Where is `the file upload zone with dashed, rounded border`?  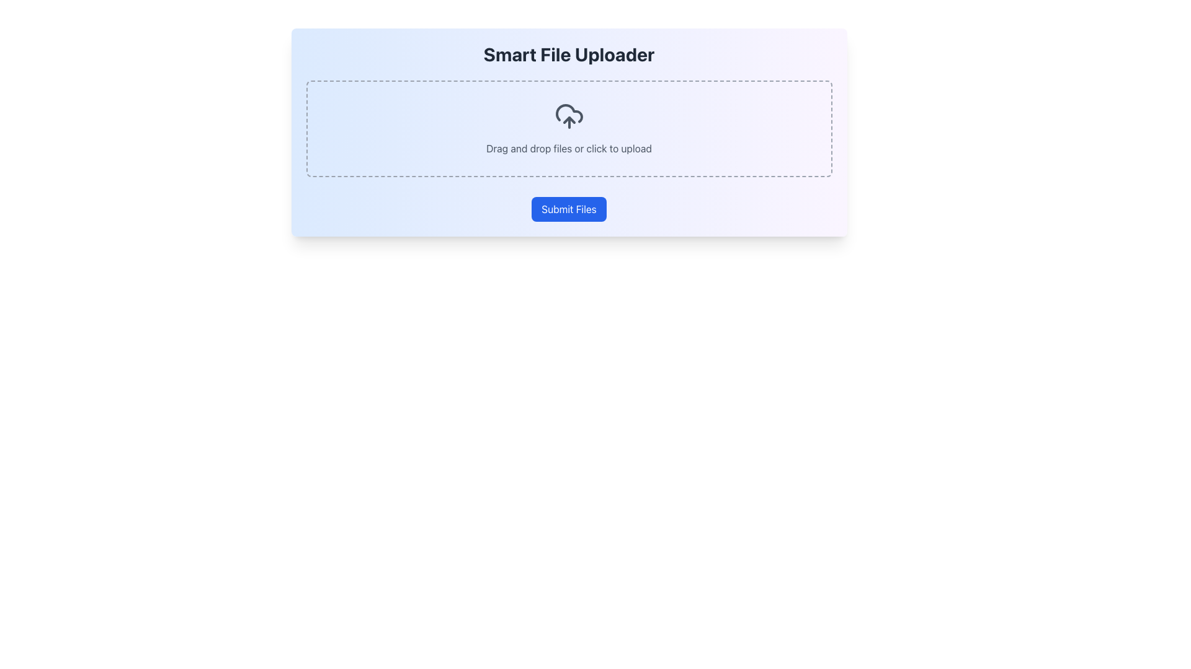
the file upload zone with dashed, rounded border is located at coordinates (568, 129).